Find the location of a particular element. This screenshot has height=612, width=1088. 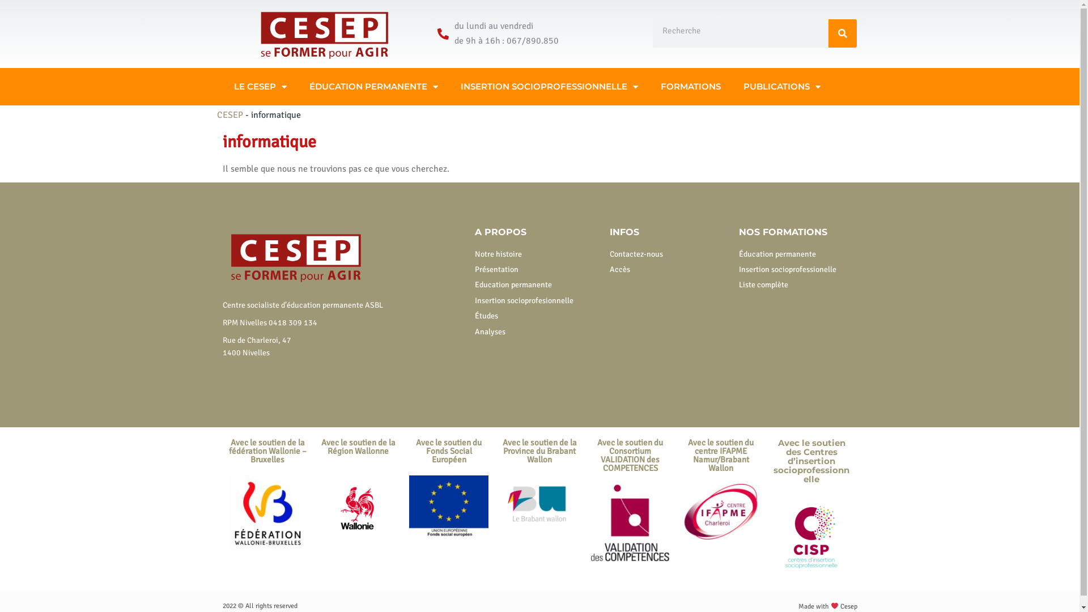

'FORMATIONS' is located at coordinates (690, 86).